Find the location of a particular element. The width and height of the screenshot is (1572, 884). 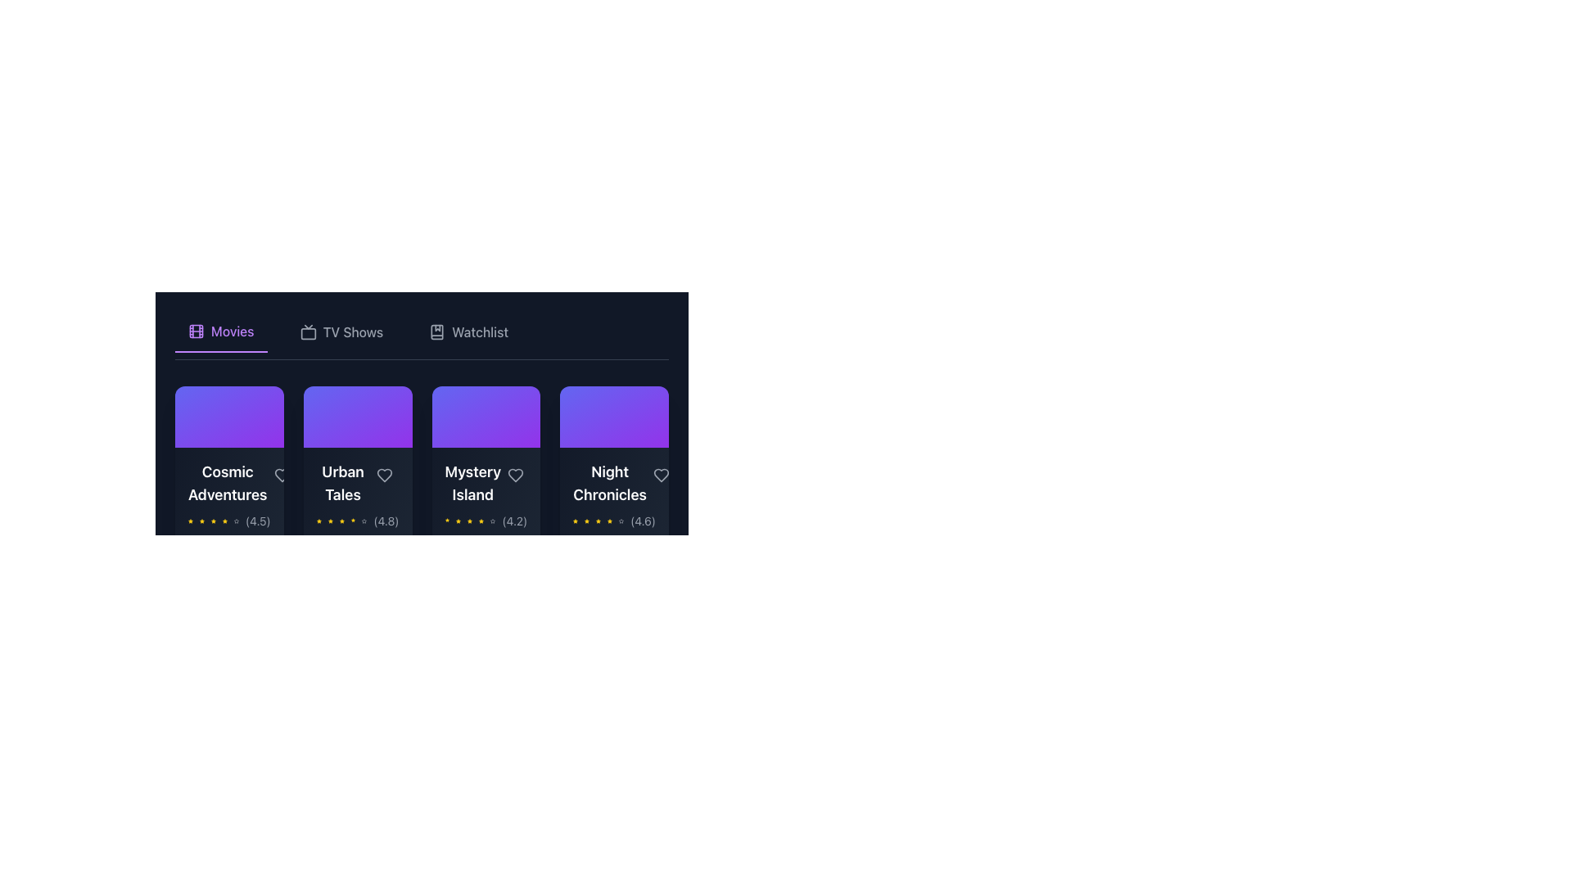

the small gray text snippet showing '(4.5)' located to the right of the yellow rating stars under the heading 'Cosmic Adventures' in the first content card is located at coordinates (257, 521).